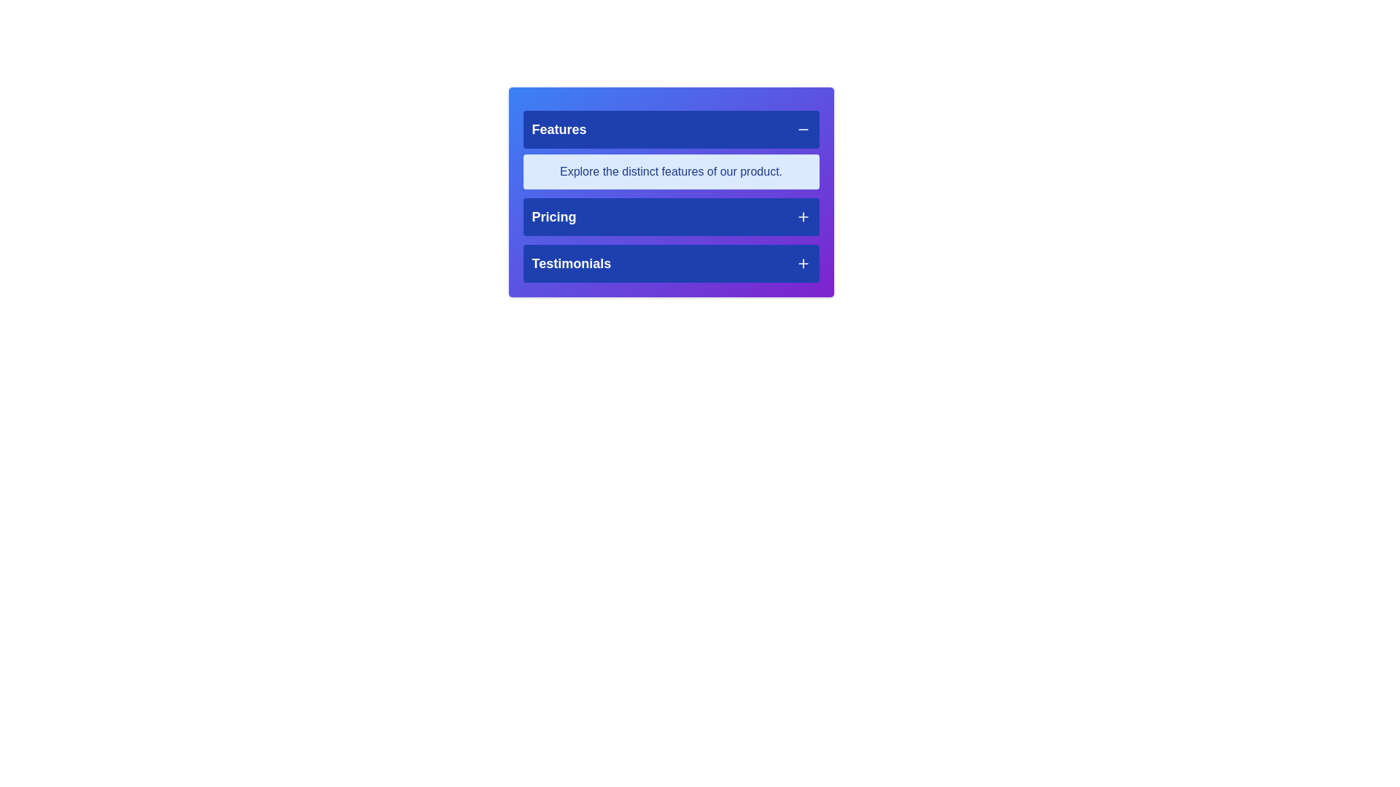  What do you see at coordinates (559, 128) in the screenshot?
I see `the 'Features' text label, which is a bold, large white text on a blue background, located prominently to the left of a minus icon in the accordion menu` at bounding box center [559, 128].